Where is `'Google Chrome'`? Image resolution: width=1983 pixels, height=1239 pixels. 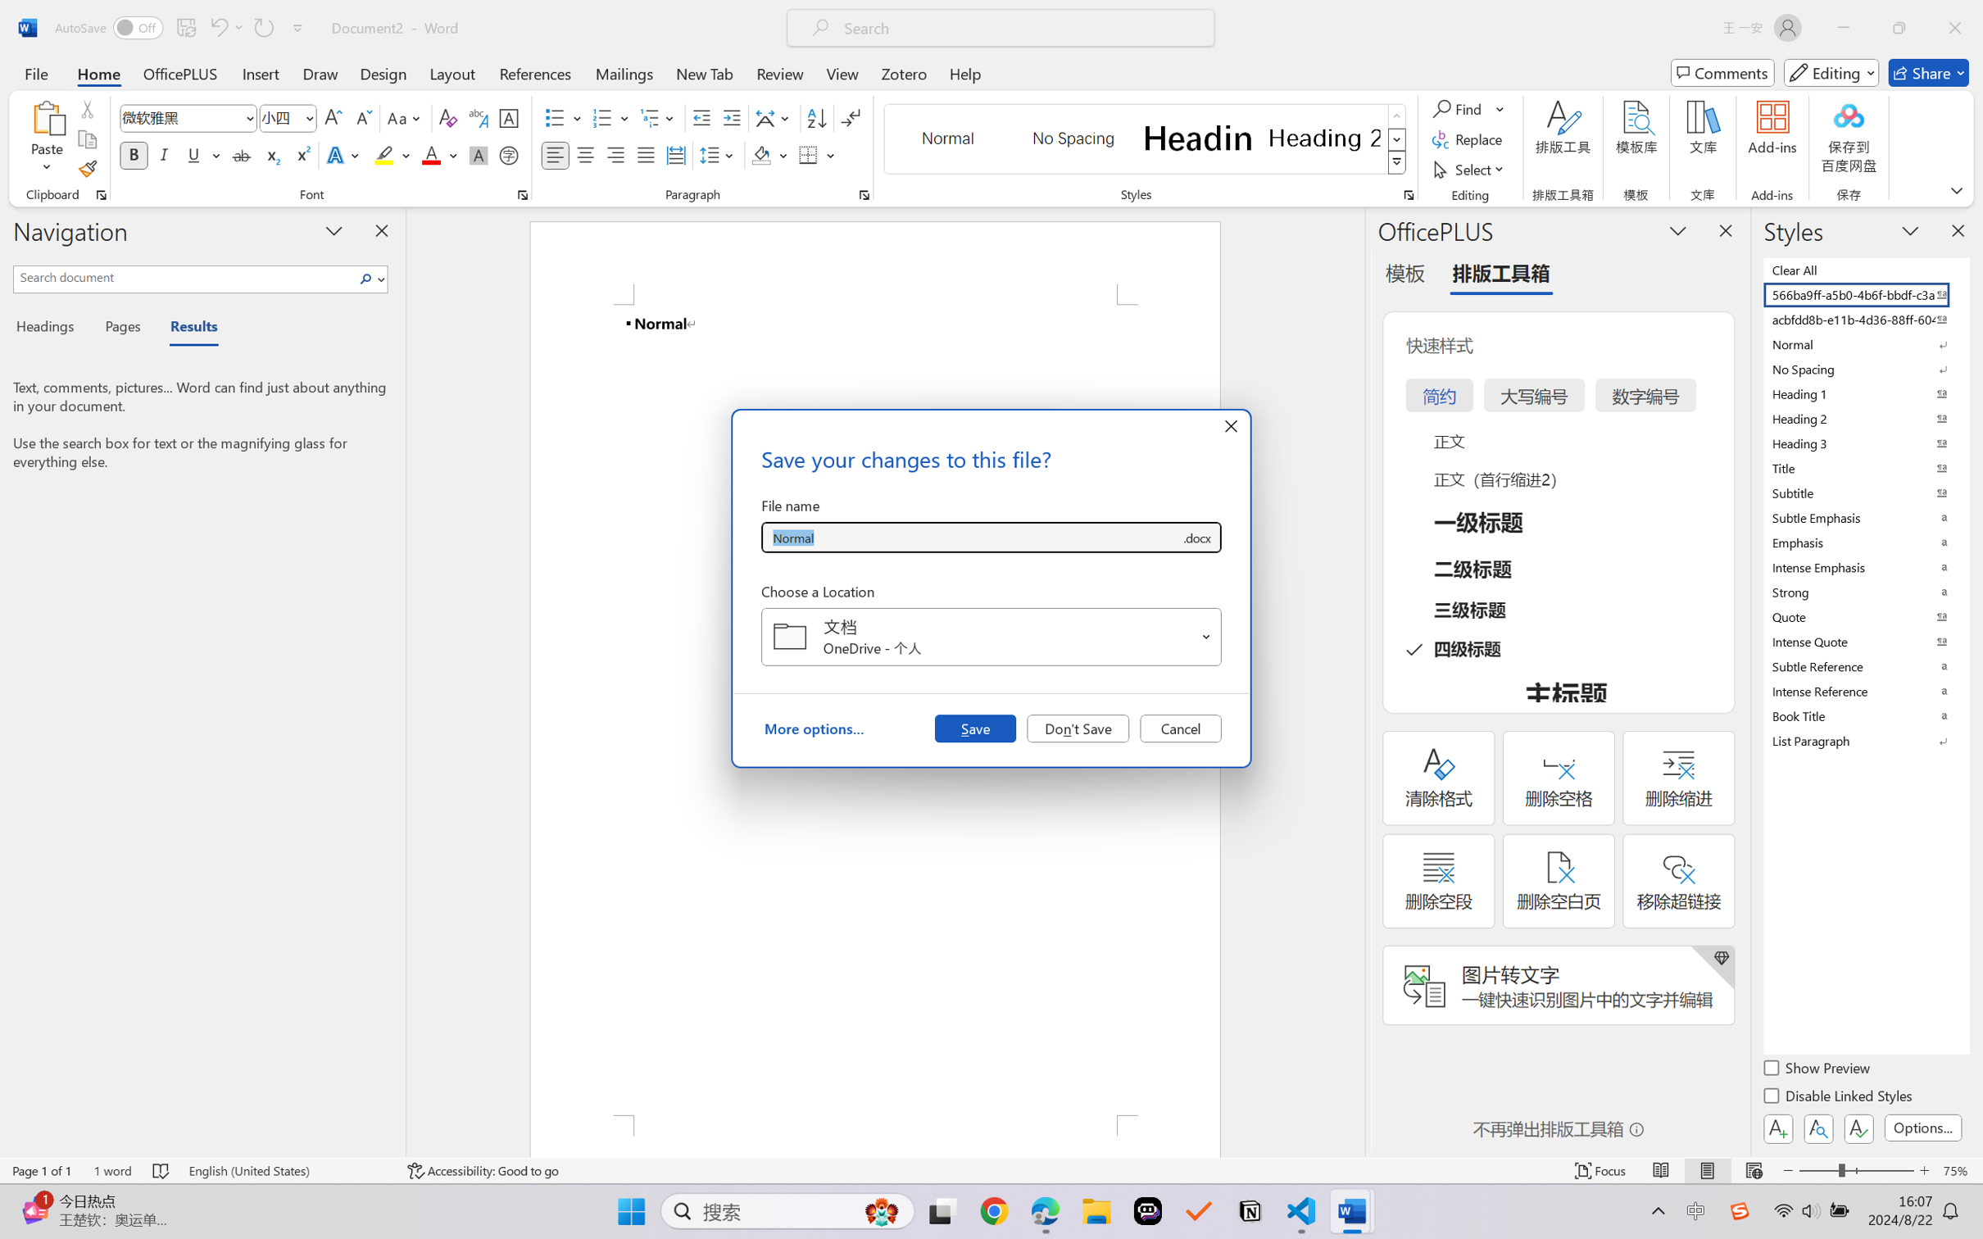
'Google Chrome' is located at coordinates (994, 1211).